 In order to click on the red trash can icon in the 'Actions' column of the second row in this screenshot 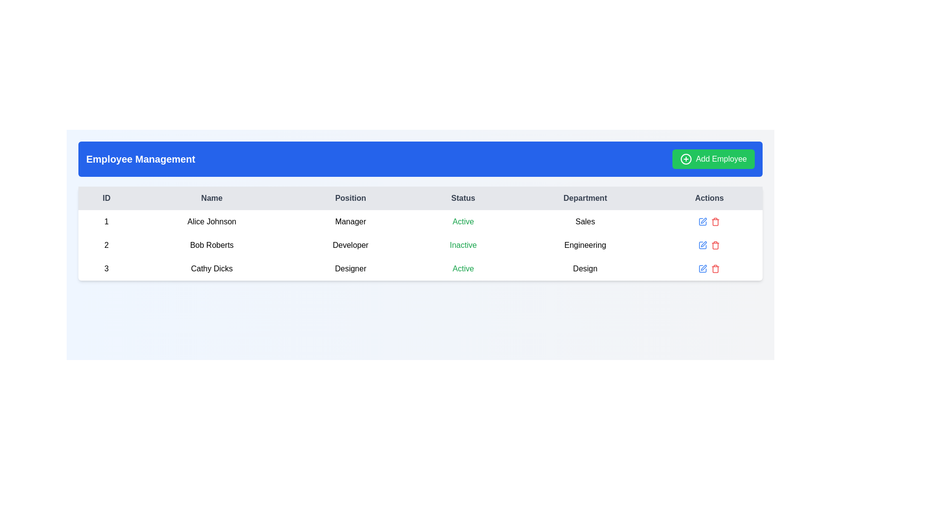, I will do `click(716, 245)`.